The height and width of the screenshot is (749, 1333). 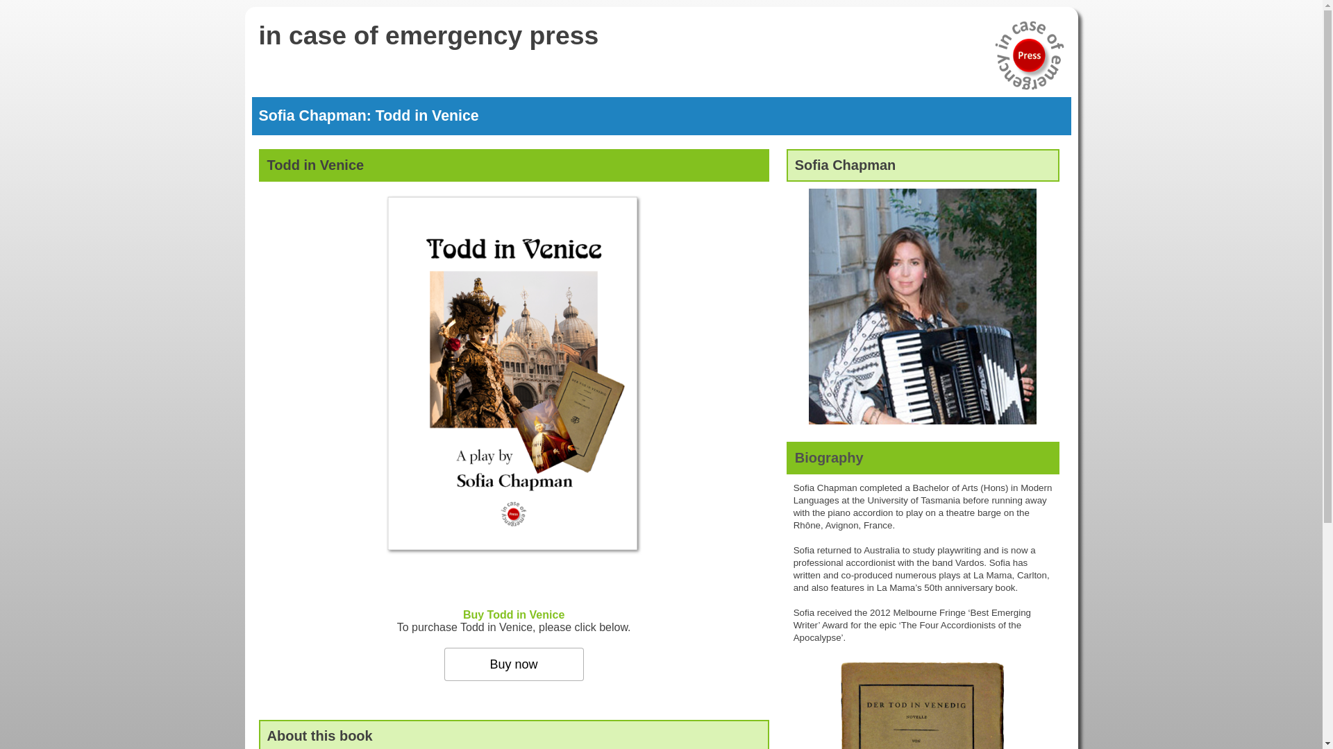 What do you see at coordinates (513, 663) in the screenshot?
I see `'Buy now'` at bounding box center [513, 663].